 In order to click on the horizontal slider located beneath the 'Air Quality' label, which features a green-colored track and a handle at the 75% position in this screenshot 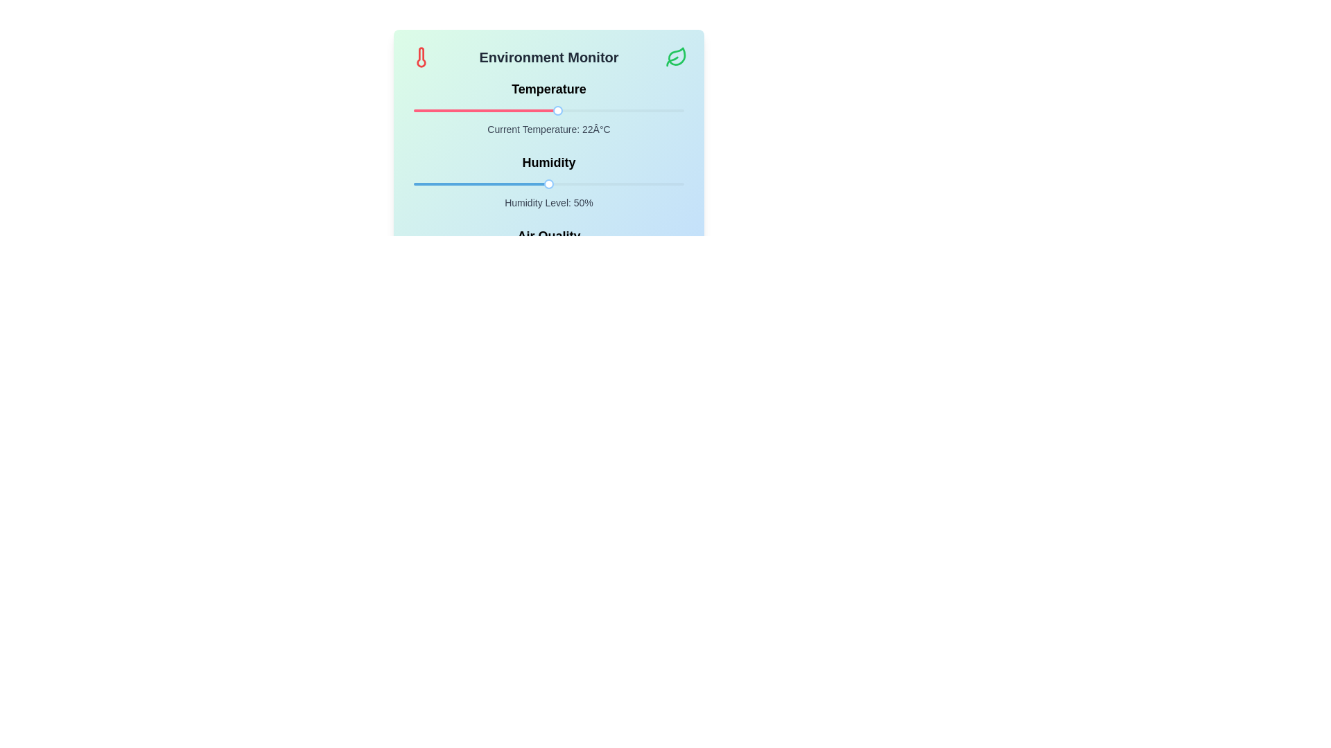, I will do `click(548, 257)`.